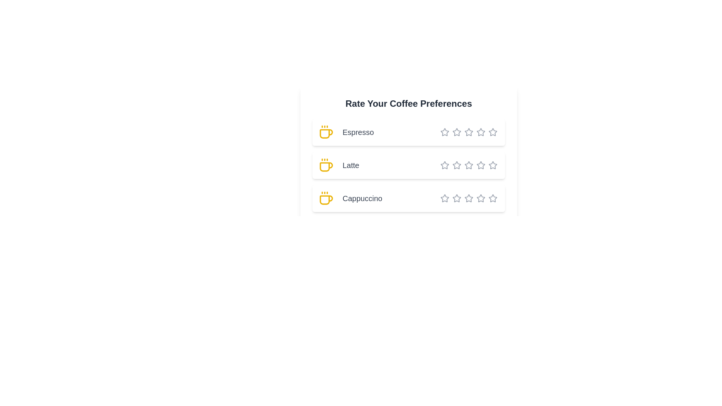 The image size is (722, 406). What do you see at coordinates (452, 165) in the screenshot?
I see `the star corresponding to 2 stars for the coffee type Latte` at bounding box center [452, 165].